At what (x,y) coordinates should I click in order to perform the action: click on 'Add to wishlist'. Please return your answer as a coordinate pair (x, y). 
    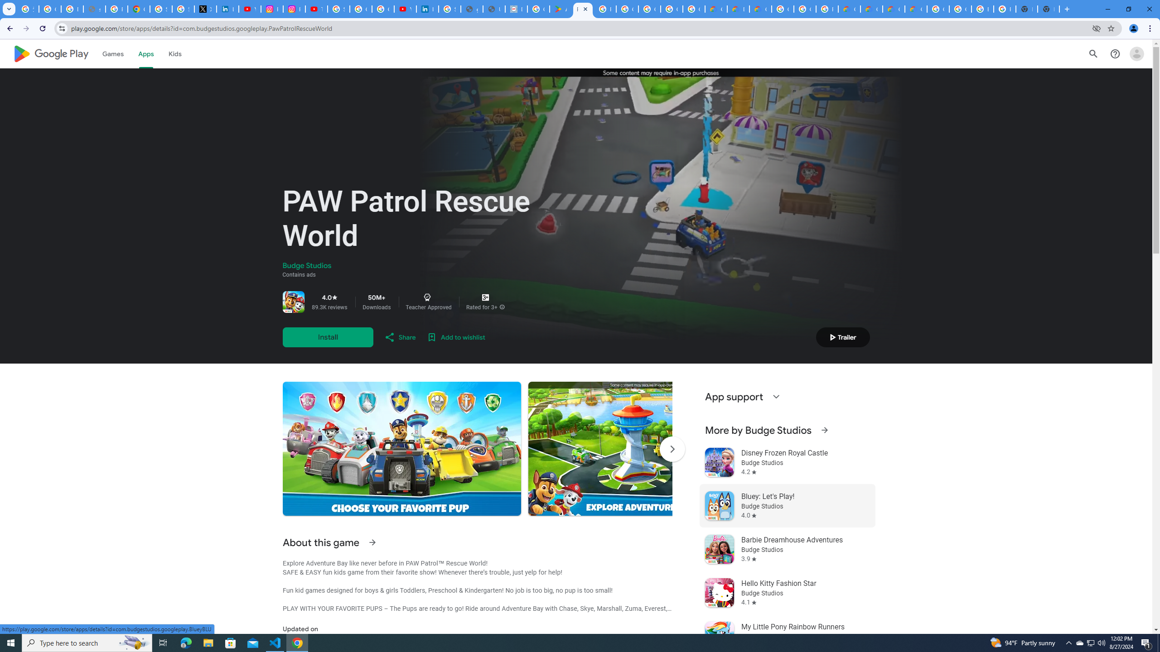
    Looking at the image, I should click on (456, 336).